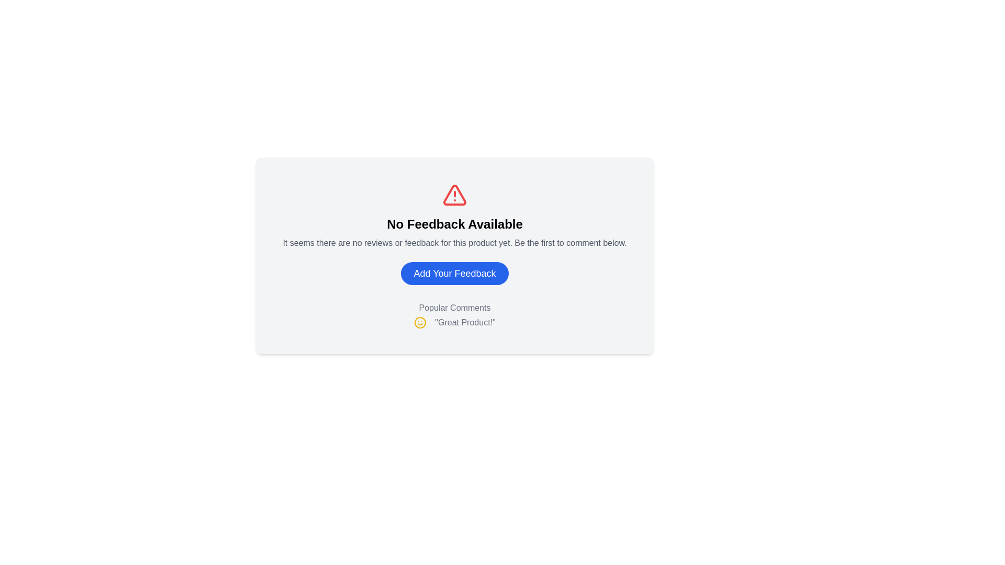 The height and width of the screenshot is (565, 1005). Describe the element at coordinates (454, 223) in the screenshot. I see `notification message located at the top of the centered modal box, below the warning icon and above the explanatory text` at that location.